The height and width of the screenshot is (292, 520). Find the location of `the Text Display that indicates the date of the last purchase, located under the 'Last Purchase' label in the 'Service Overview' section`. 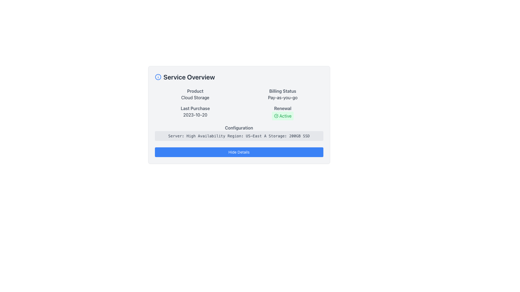

the Text Display that indicates the date of the last purchase, located under the 'Last Purchase' label in the 'Service Overview' section is located at coordinates (195, 114).